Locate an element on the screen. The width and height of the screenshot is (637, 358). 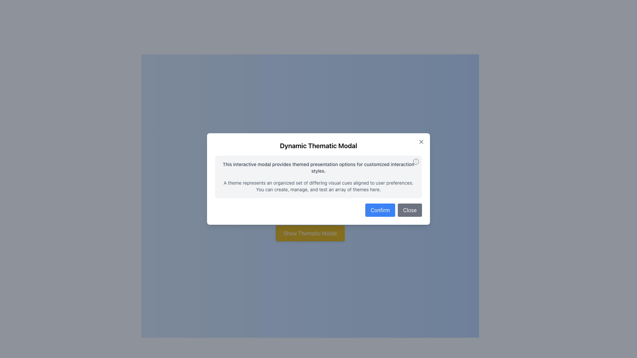
text from the title Text Label of the modal, which is located at the top center of the modal dialog is located at coordinates (318, 145).